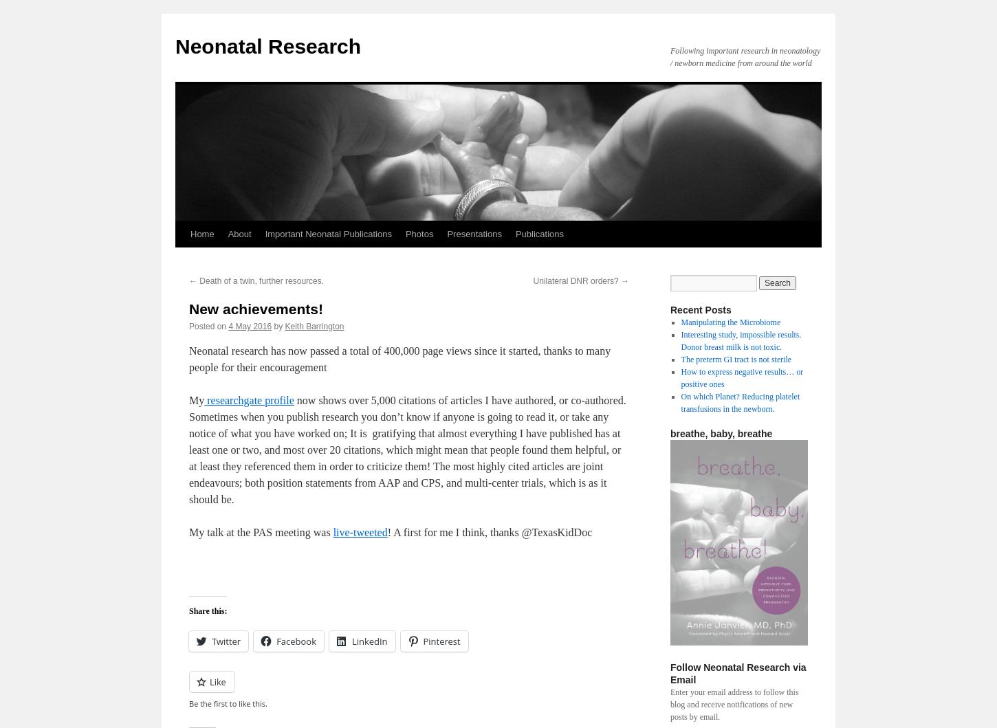 This screenshot has height=728, width=997. I want to click on 'My talk at the PAS meeting was', so click(260, 531).